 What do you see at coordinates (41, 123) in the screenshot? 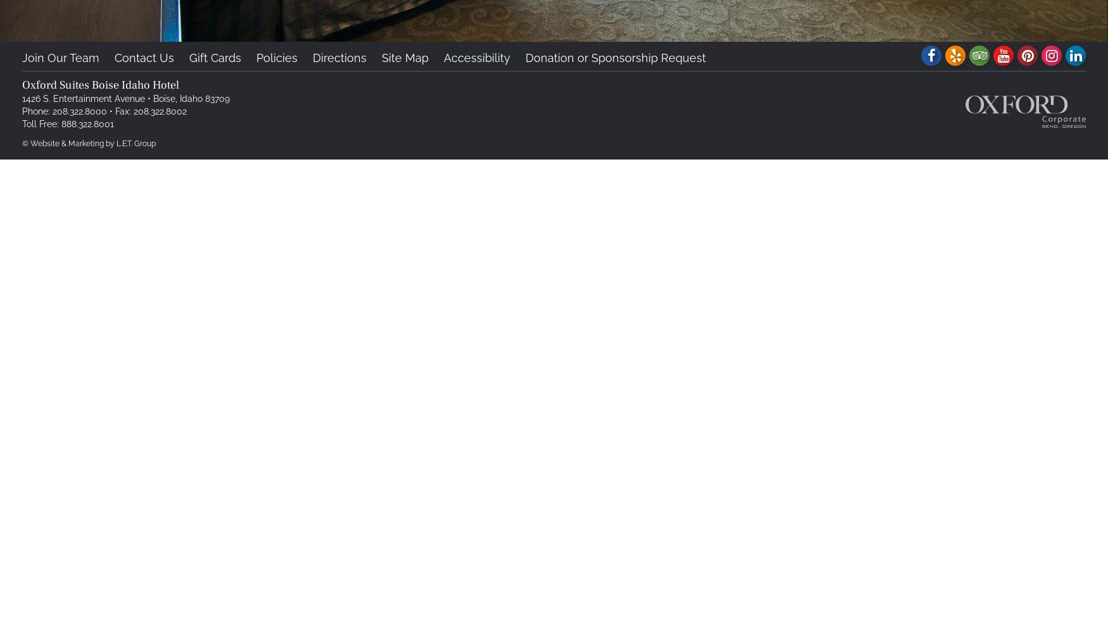
I see `'Toll Free:'` at bounding box center [41, 123].